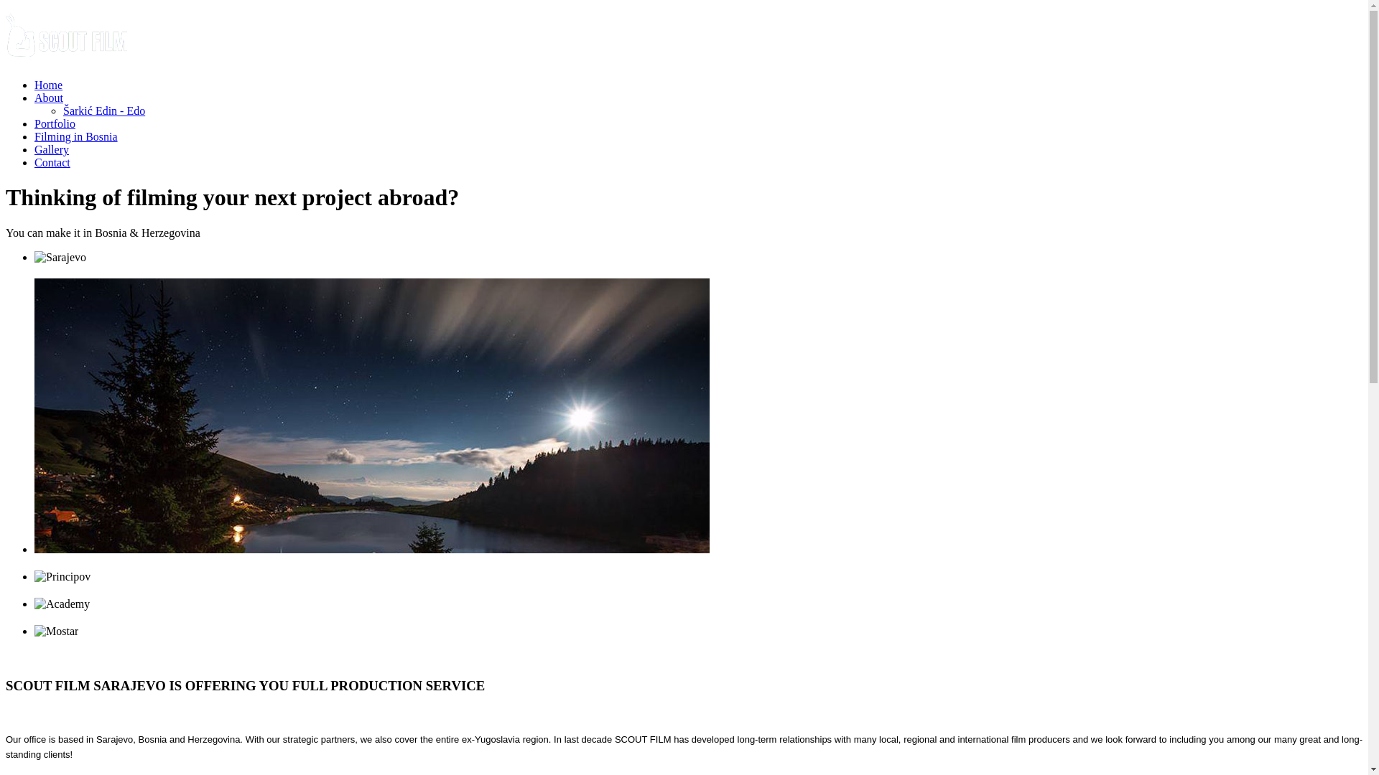  Describe the element at coordinates (52, 149) in the screenshot. I see `'Gallery'` at that location.